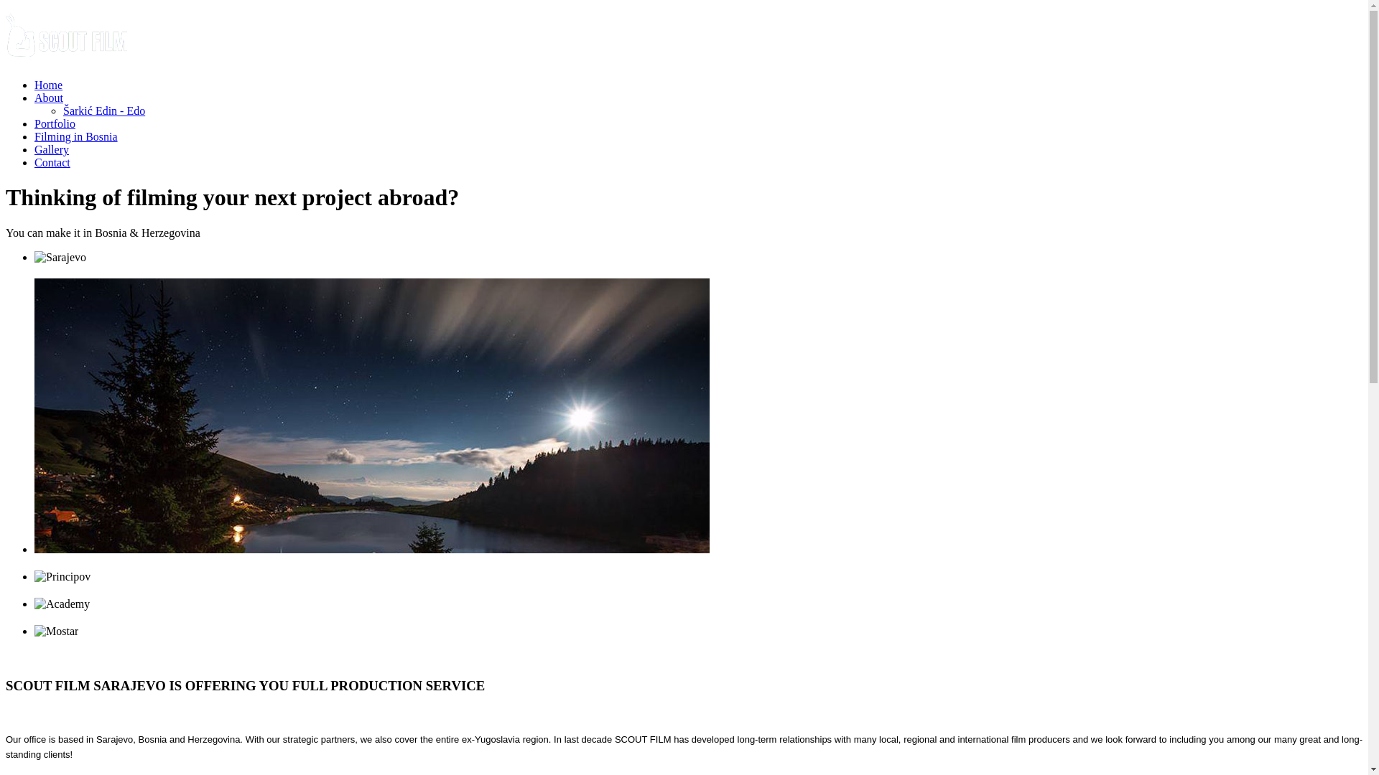  Describe the element at coordinates (52, 149) in the screenshot. I see `'Gallery'` at that location.